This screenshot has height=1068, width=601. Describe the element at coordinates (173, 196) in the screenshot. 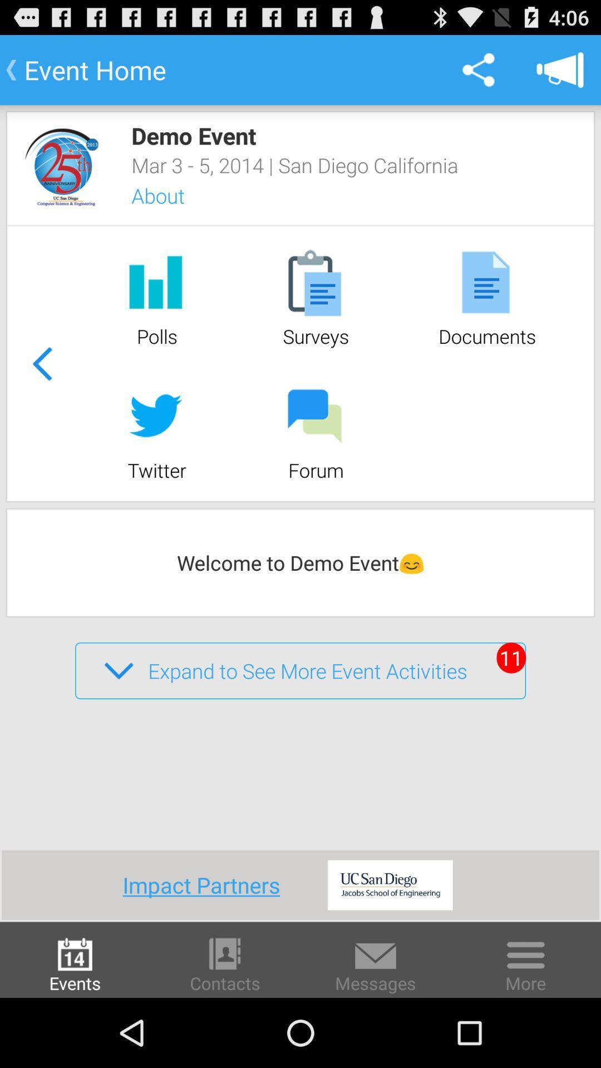

I see `about icon` at that location.